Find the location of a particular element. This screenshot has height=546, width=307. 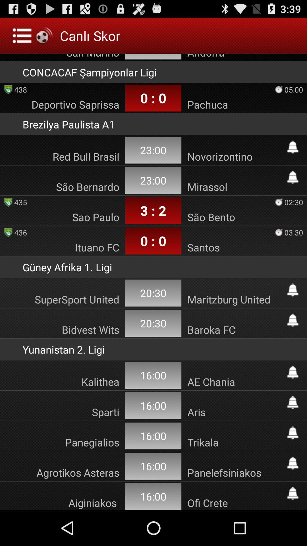

notification is located at coordinates (293, 147).